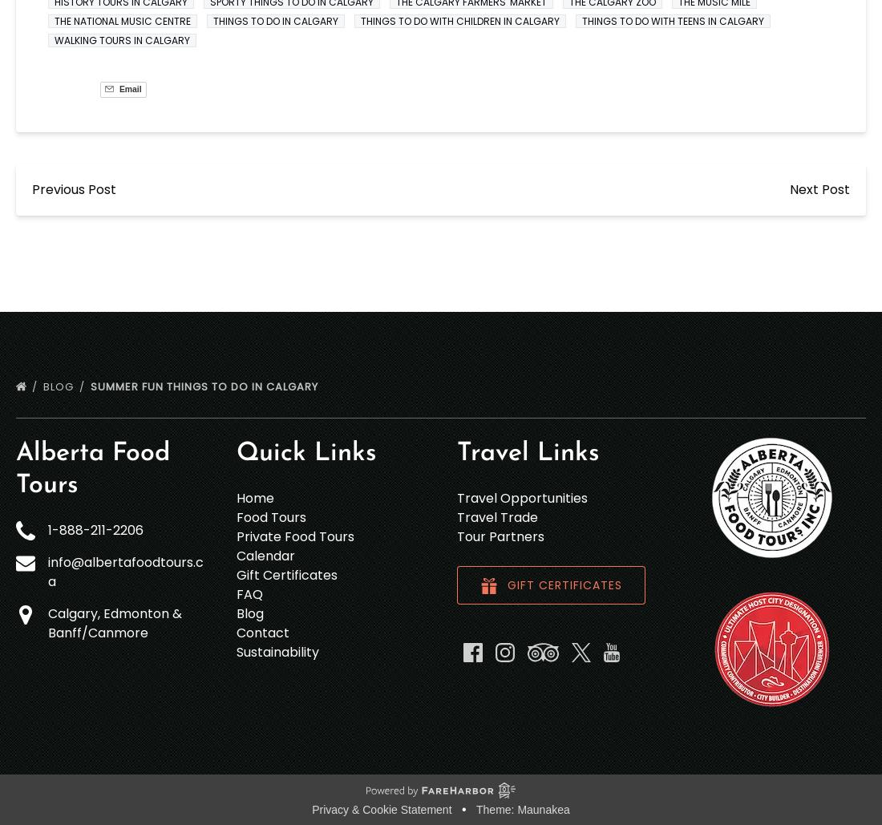  Describe the element at coordinates (265, 554) in the screenshot. I see `'Calendar'` at that location.